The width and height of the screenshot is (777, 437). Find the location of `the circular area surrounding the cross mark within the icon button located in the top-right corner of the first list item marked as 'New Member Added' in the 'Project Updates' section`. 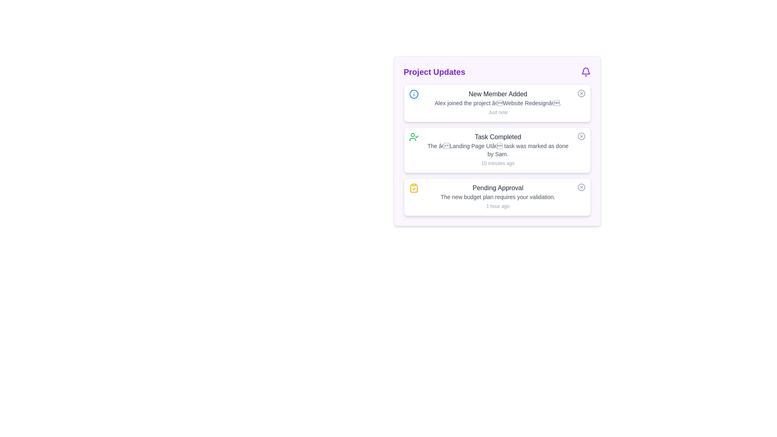

the circular area surrounding the cross mark within the icon button located in the top-right corner of the first list item marked as 'New Member Added' in the 'Project Updates' section is located at coordinates (581, 93).